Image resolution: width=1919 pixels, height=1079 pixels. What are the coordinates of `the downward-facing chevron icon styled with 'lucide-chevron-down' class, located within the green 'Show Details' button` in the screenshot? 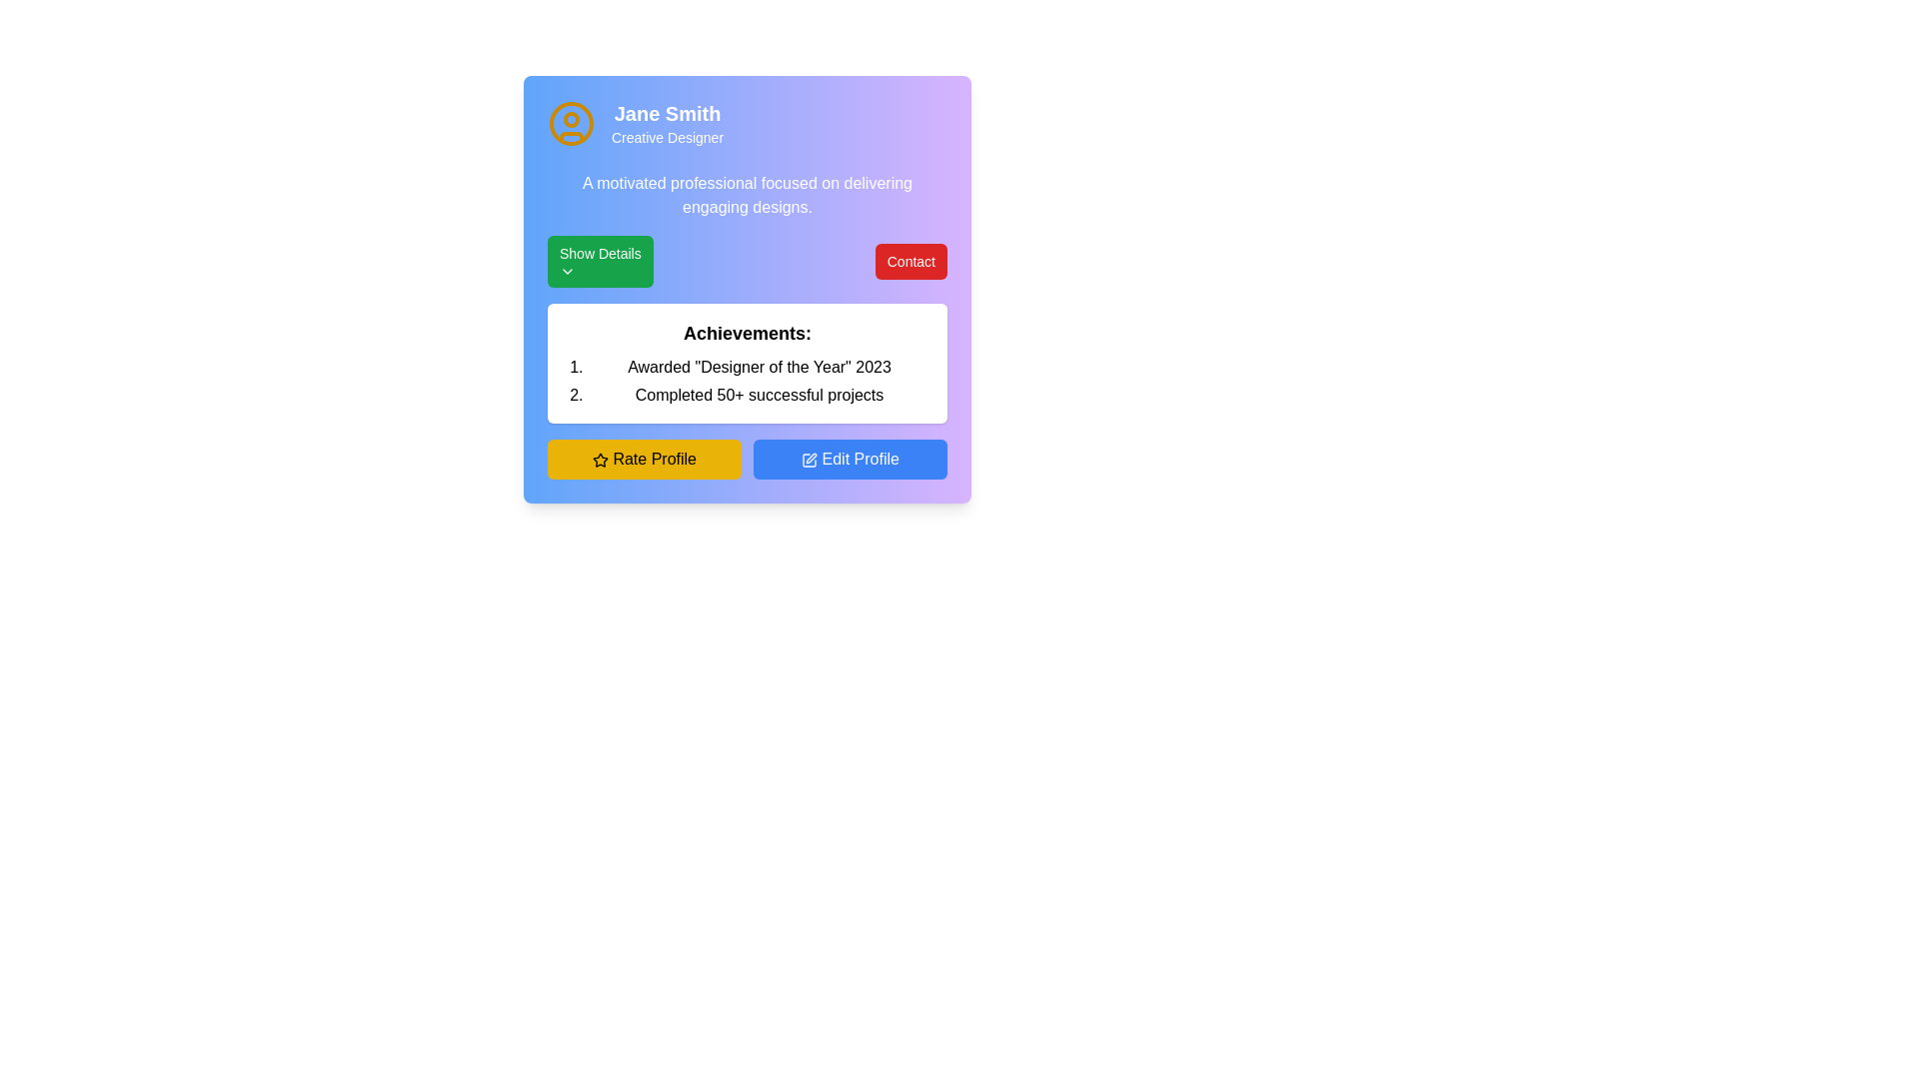 It's located at (566, 272).